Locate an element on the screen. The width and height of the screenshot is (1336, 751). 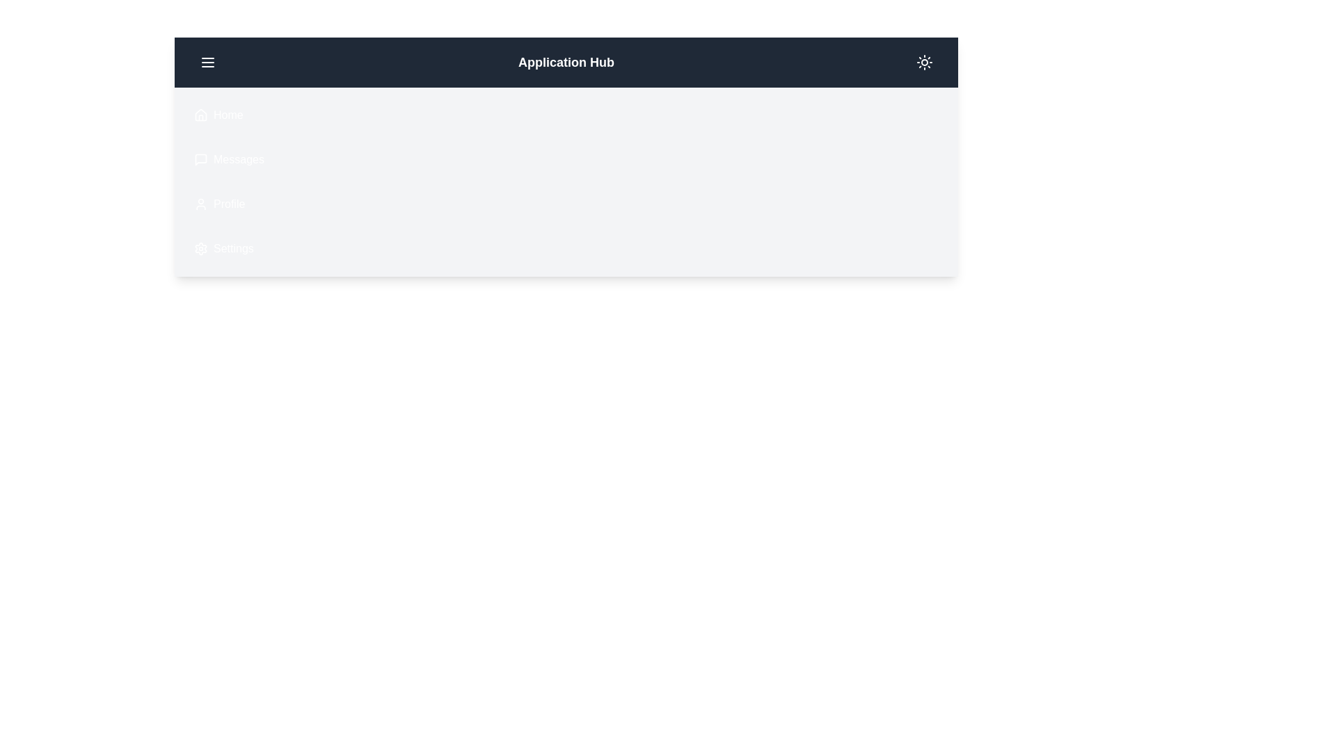
the application title to interact with it is located at coordinates (566, 61).